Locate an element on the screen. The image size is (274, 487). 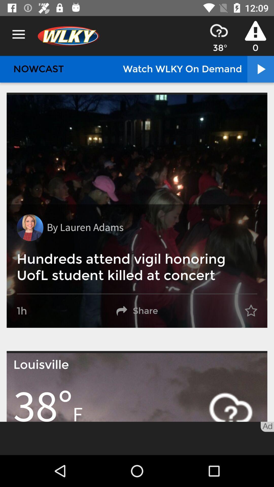
the image below nowcast is located at coordinates (137, 211).